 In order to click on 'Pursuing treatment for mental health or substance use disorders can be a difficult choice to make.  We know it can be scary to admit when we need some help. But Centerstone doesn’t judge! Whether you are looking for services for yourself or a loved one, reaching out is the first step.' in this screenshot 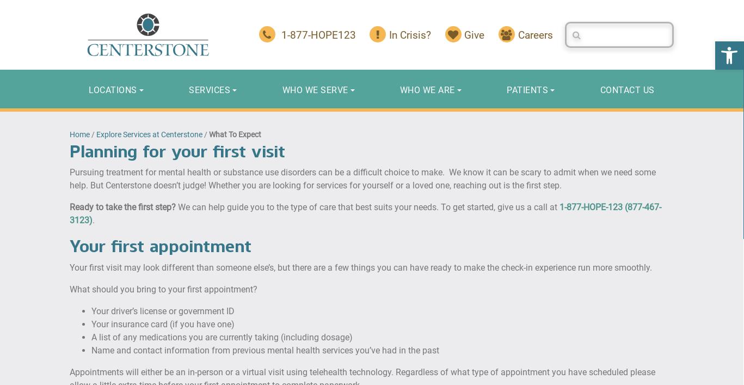, I will do `click(69, 178)`.